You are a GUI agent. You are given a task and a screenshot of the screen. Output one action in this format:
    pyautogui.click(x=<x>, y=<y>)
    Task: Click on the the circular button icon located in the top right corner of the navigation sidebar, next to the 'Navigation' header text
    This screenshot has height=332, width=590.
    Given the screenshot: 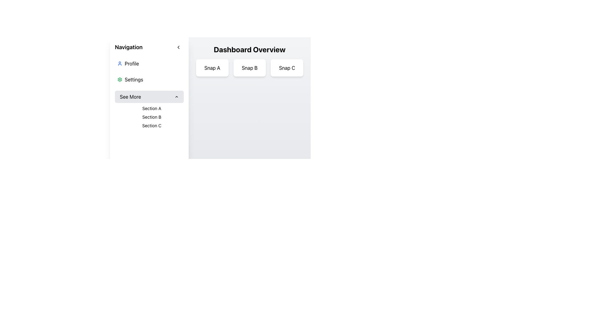 What is the action you would take?
    pyautogui.click(x=178, y=47)
    